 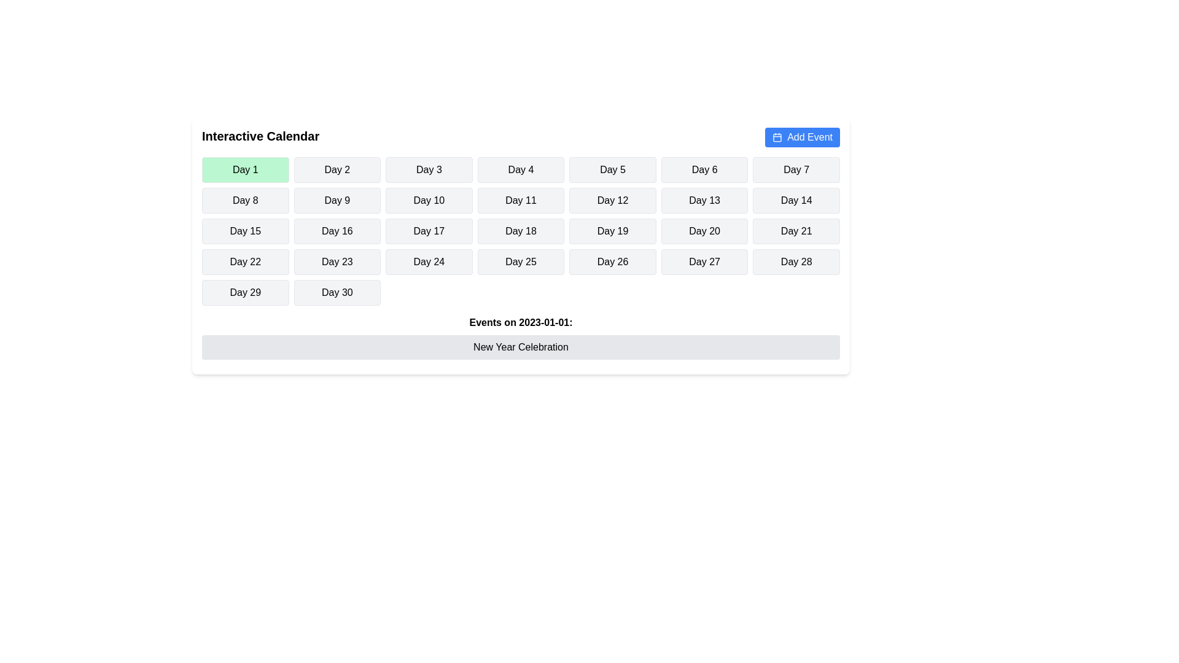 I want to click on the button representing 'Day 23' in the calendar grid, so click(x=337, y=262).